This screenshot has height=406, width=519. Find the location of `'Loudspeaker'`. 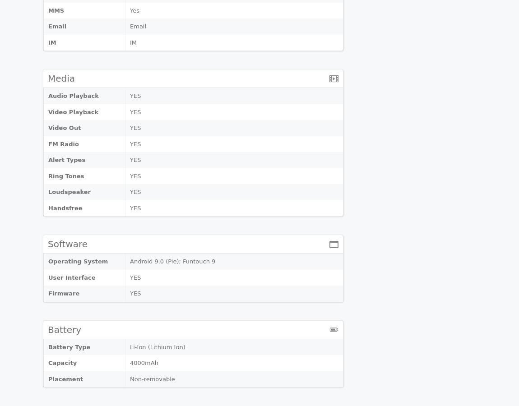

'Loudspeaker' is located at coordinates (69, 192).